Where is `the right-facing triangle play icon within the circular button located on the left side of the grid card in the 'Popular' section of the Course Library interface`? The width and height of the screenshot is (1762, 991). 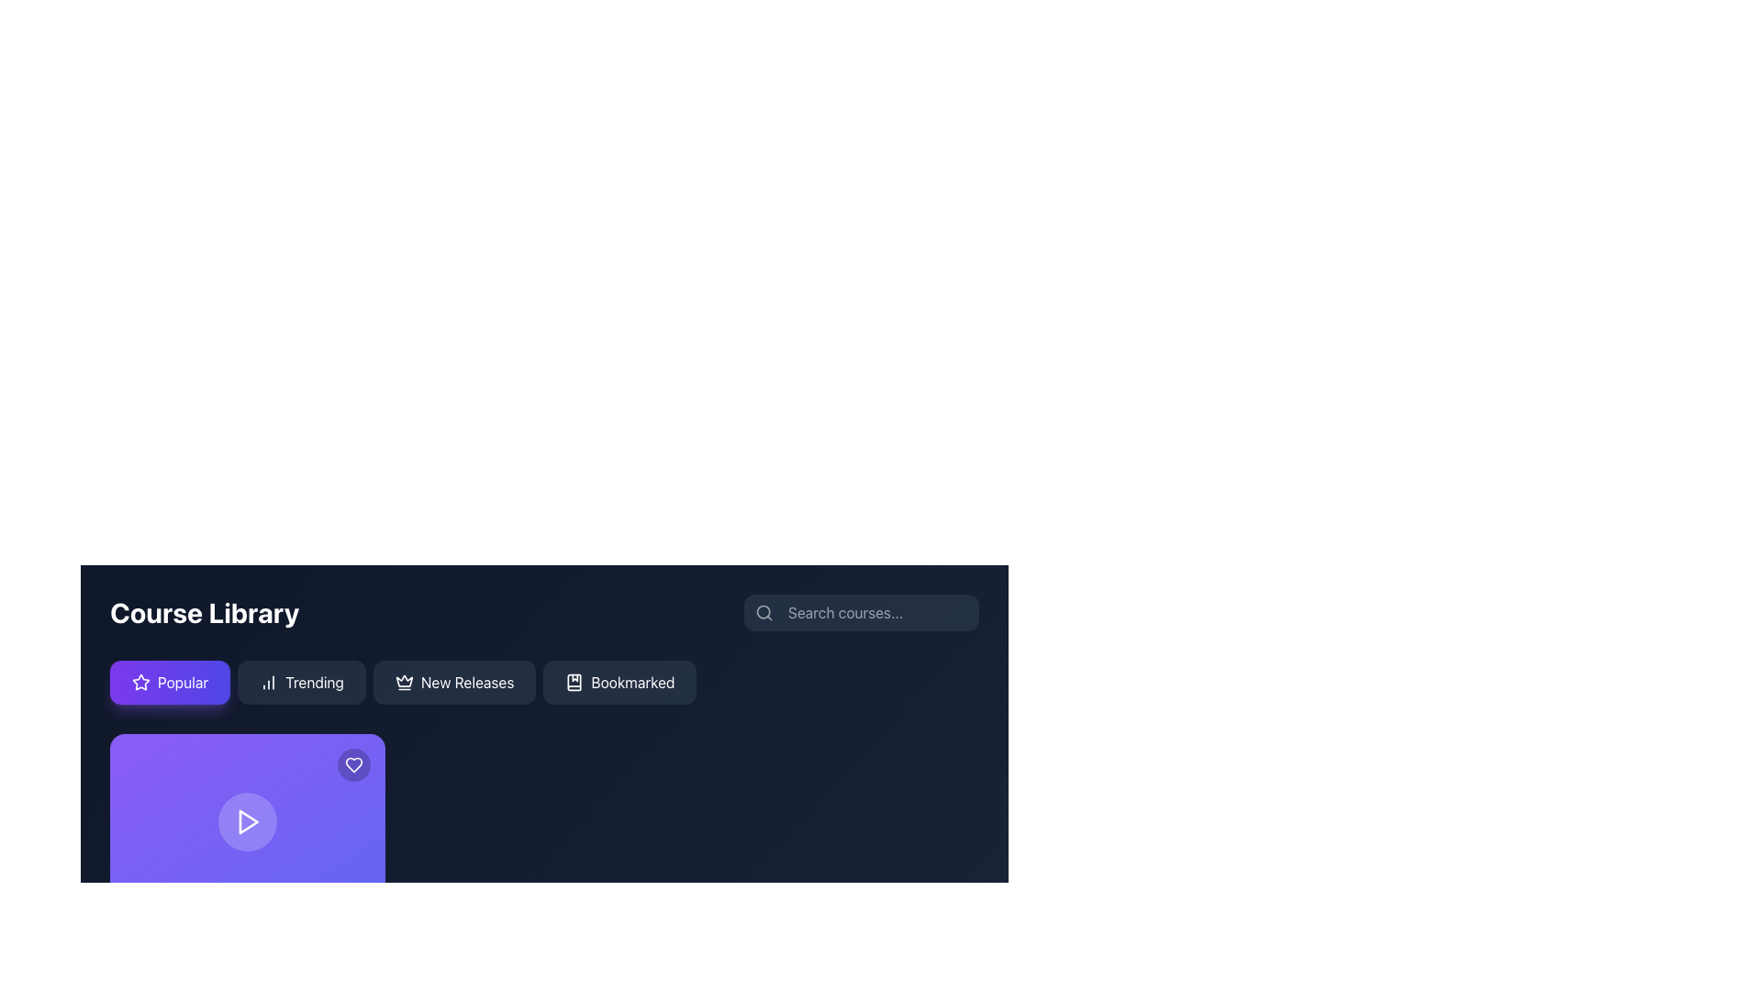 the right-facing triangle play icon within the circular button located on the left side of the grid card in the 'Popular' section of the Course Library interface is located at coordinates (248, 820).